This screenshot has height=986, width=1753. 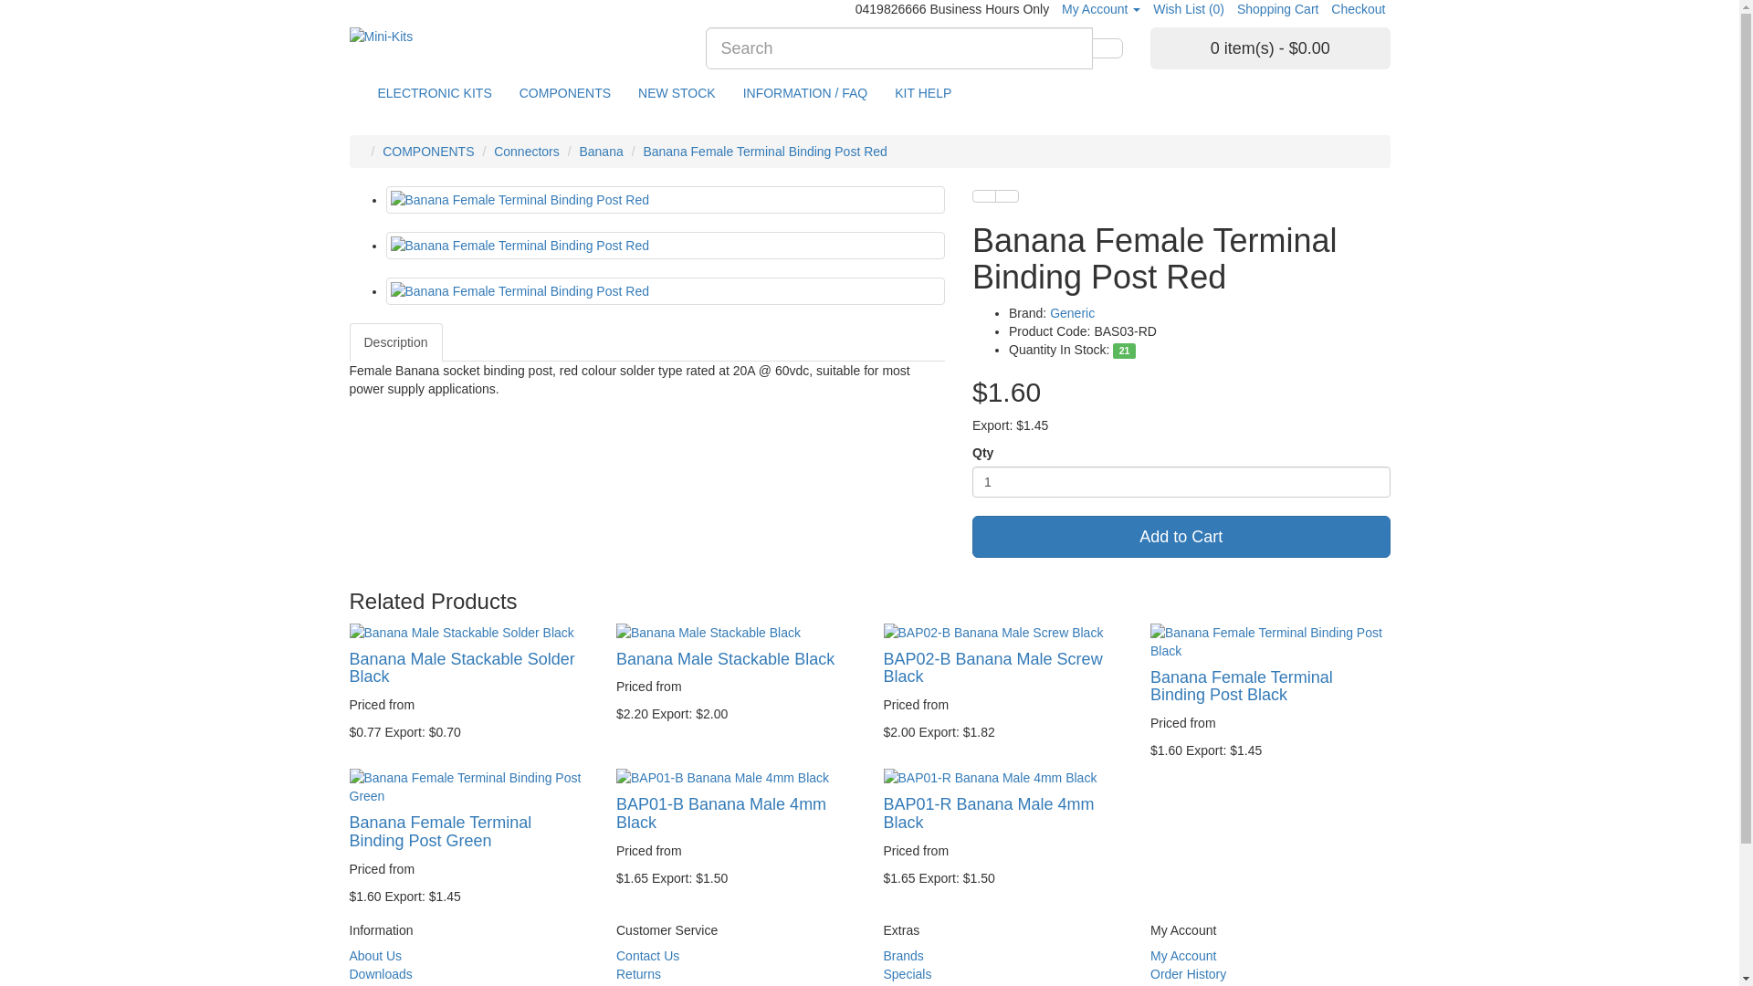 What do you see at coordinates (1181, 535) in the screenshot?
I see `'Add to Cart'` at bounding box center [1181, 535].